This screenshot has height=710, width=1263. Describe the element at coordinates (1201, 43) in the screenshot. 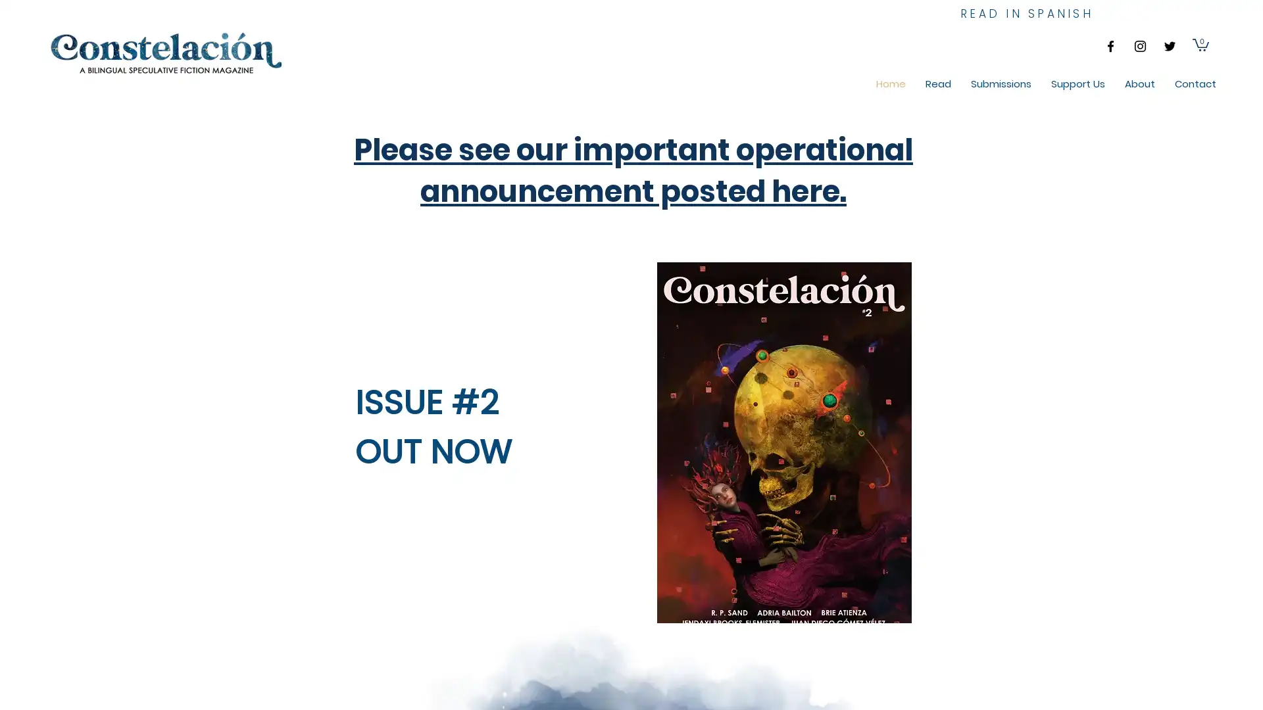

I see `Cart with 0 items` at that location.